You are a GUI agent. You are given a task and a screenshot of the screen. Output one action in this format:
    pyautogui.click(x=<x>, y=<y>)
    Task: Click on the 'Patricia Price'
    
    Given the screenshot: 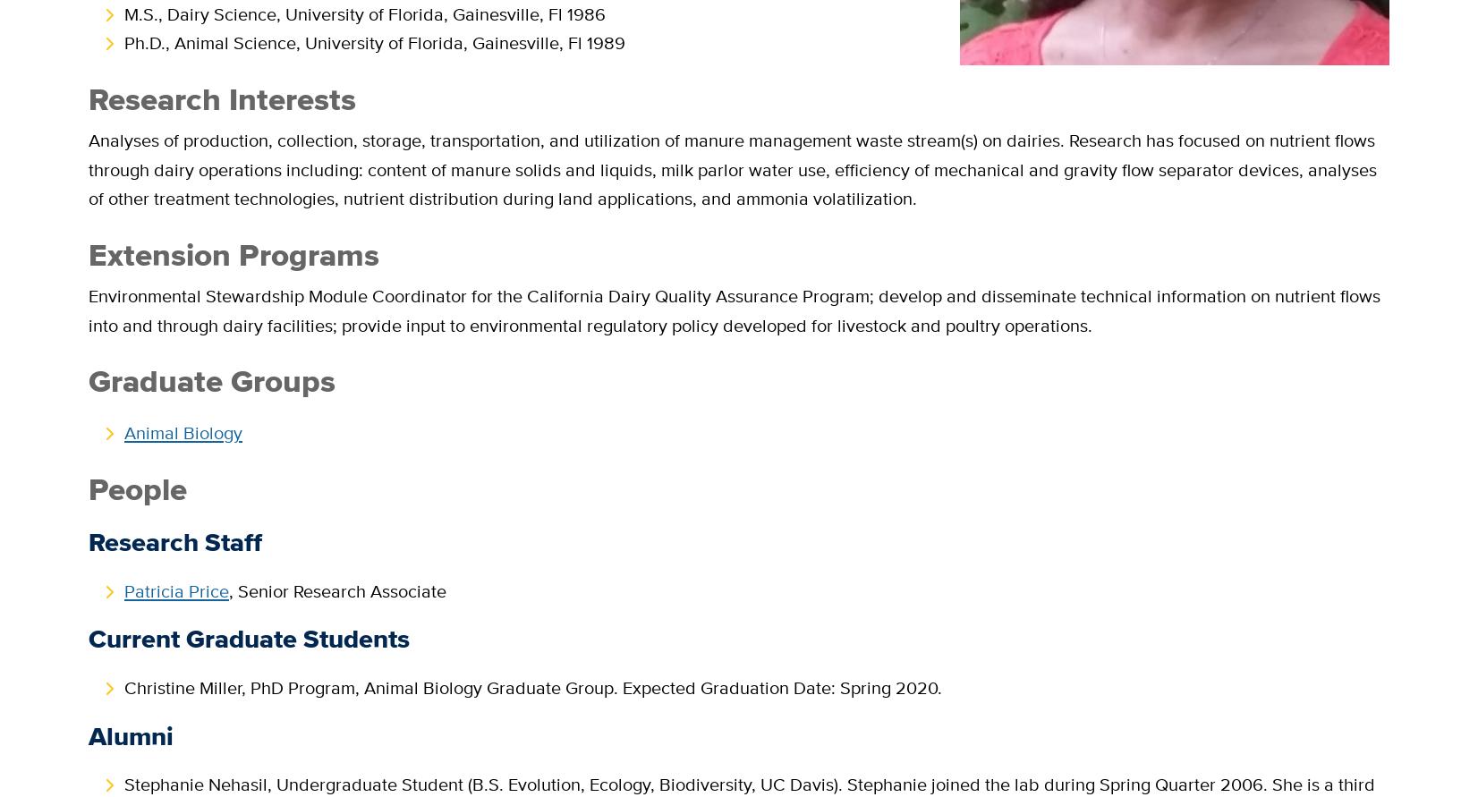 What is the action you would take?
    pyautogui.click(x=176, y=589)
    